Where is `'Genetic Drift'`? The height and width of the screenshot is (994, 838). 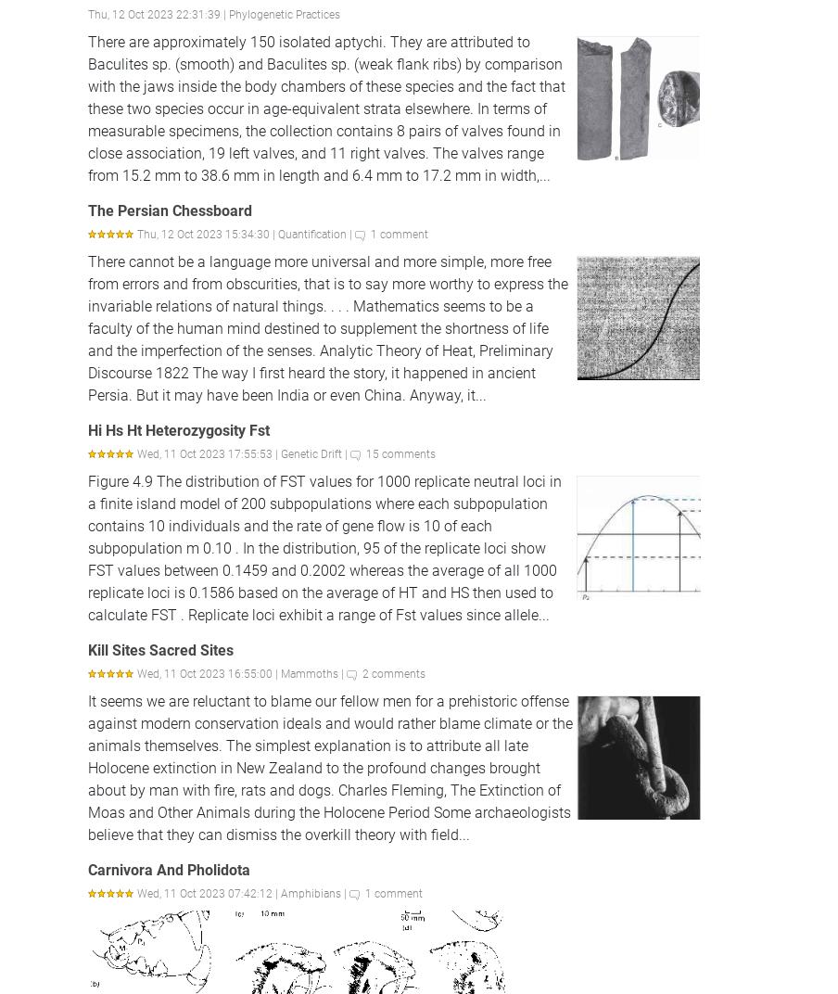
'Genetic Drift' is located at coordinates (281, 453).